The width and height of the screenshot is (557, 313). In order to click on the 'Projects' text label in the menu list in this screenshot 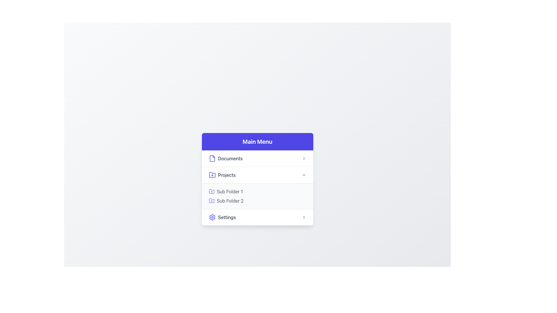, I will do `click(227, 174)`.